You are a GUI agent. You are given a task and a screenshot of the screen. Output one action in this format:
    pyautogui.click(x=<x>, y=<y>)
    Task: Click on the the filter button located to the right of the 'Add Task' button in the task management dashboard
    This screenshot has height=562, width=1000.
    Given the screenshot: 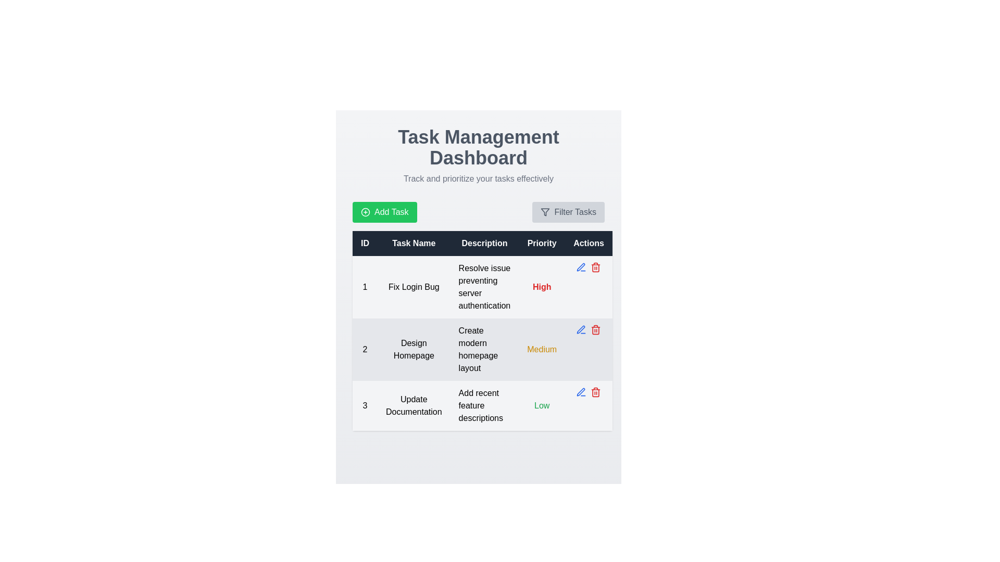 What is the action you would take?
    pyautogui.click(x=568, y=212)
    